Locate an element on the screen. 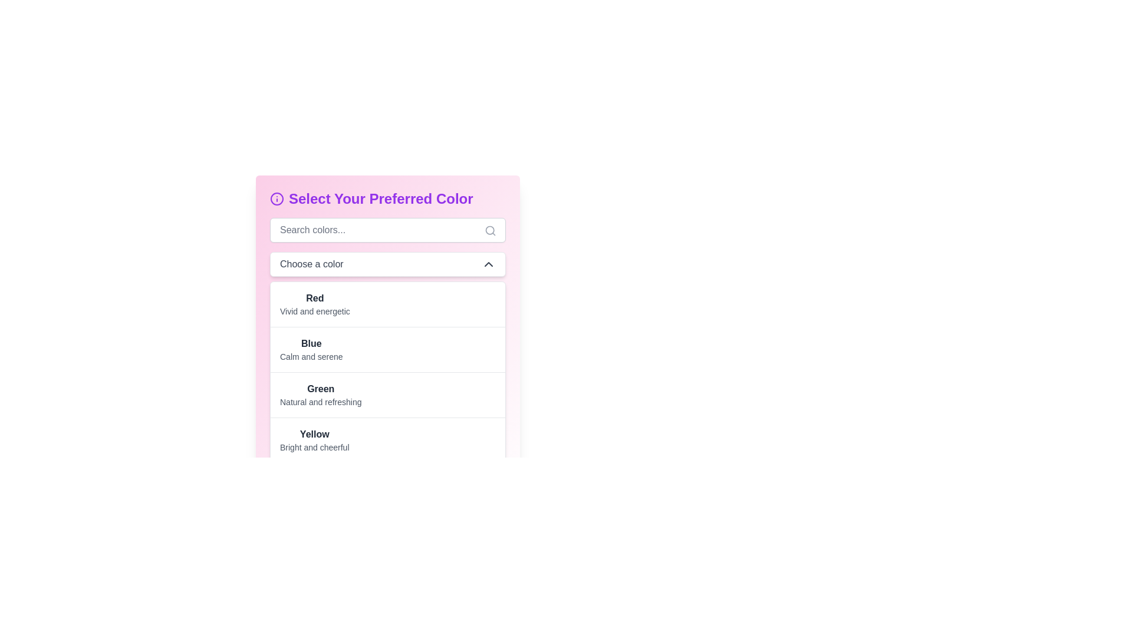  the text label for the color option 'Green,' which is located in the list of color options under 'Select Your Preferred Color.' This label is the third item in the sequence, positioned above the description 'Natural and refreshing.' is located at coordinates (321, 389).